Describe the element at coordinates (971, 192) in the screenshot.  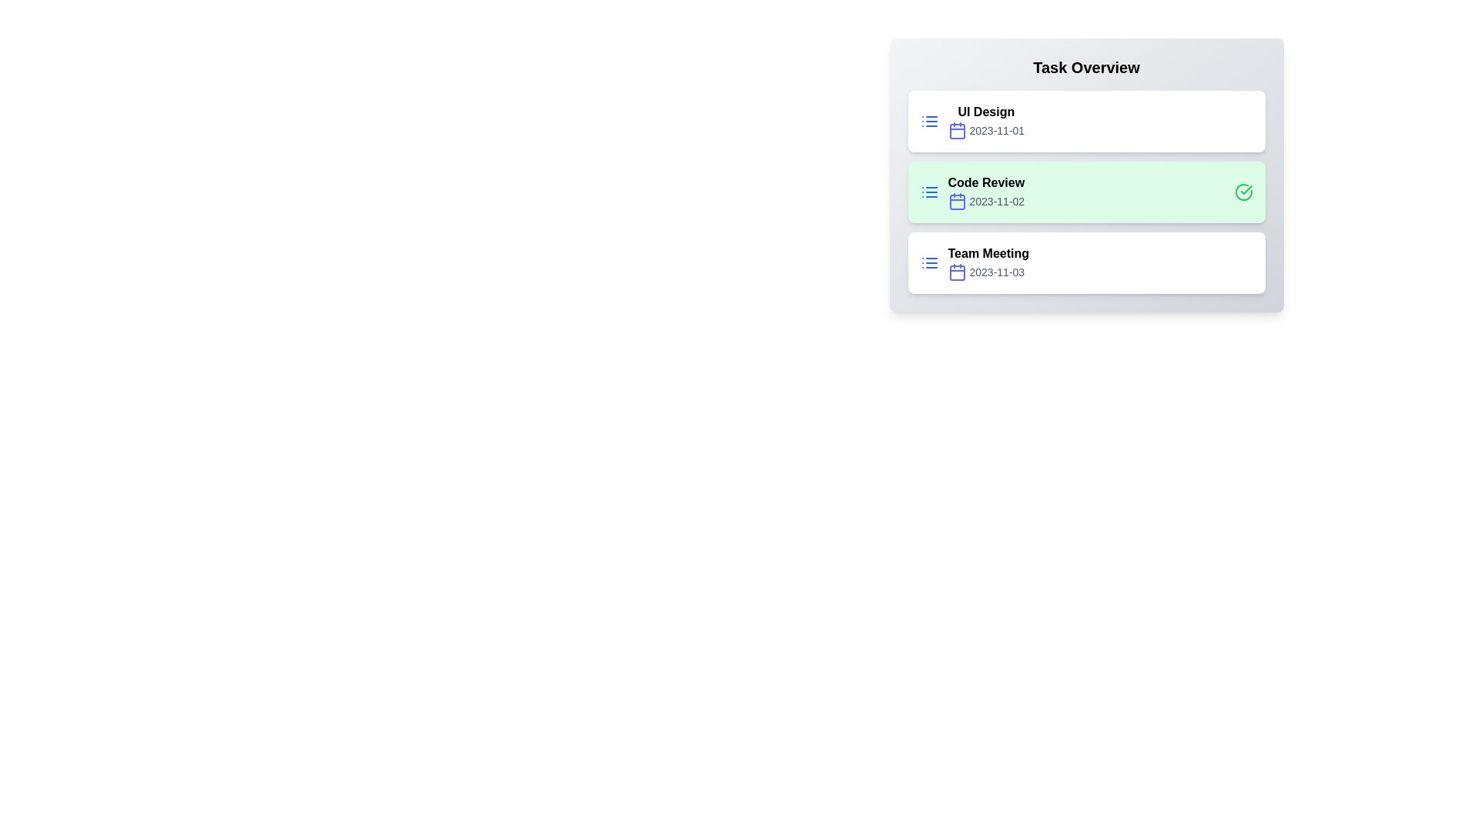
I see `the task Code Review to edit its details` at that location.